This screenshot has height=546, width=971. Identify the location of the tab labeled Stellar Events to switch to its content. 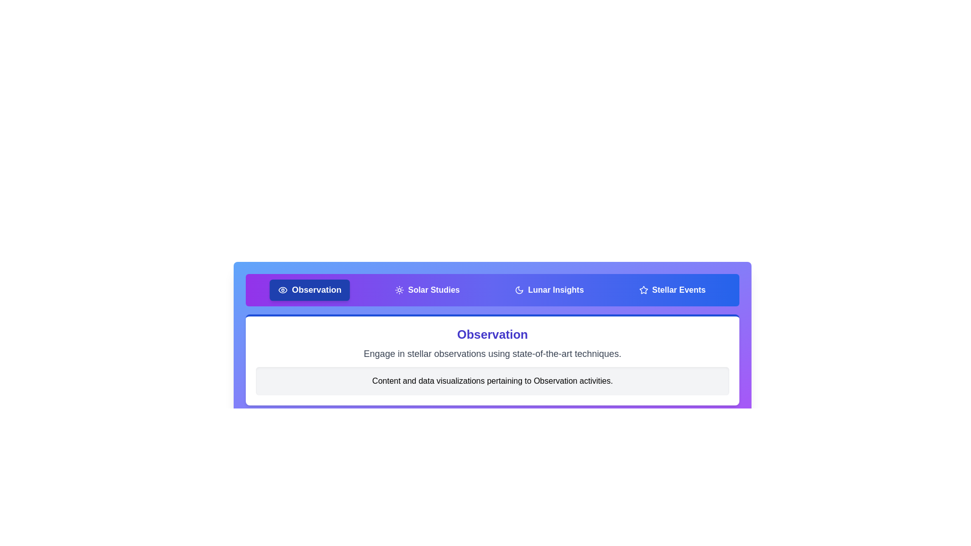
(672, 290).